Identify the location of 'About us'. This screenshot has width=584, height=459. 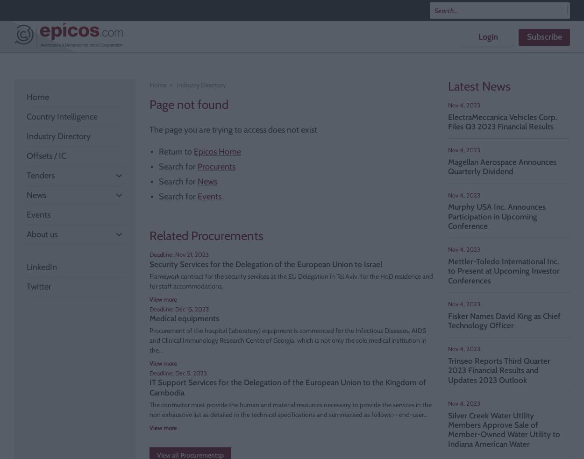
(42, 234).